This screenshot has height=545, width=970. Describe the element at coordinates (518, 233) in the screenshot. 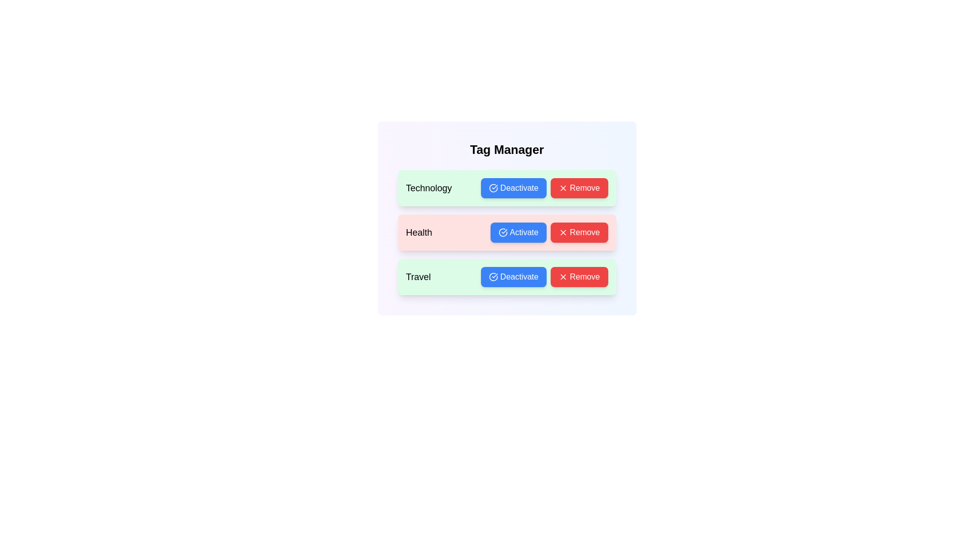

I see `the tag with name Health` at that location.